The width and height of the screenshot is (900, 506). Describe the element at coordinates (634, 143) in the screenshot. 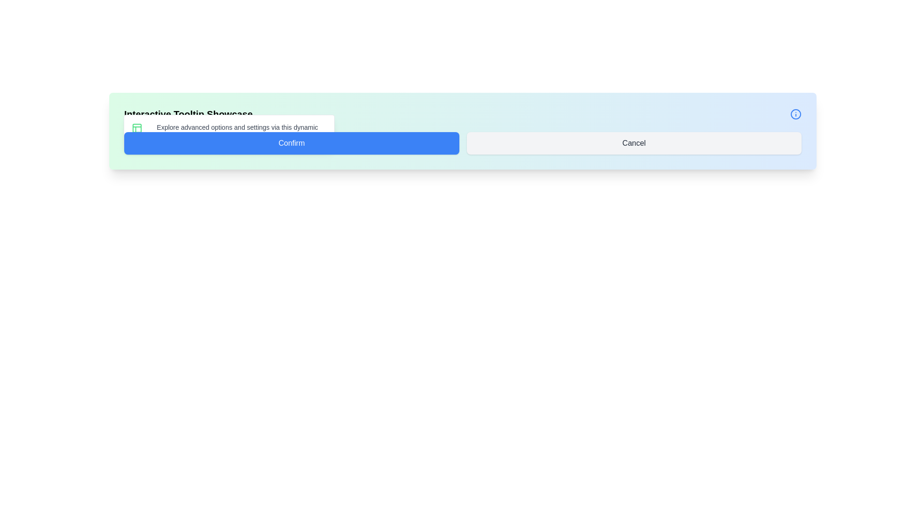

I see `the cancel button located to the right of the blue 'Confirm' button to change its appearance` at that location.